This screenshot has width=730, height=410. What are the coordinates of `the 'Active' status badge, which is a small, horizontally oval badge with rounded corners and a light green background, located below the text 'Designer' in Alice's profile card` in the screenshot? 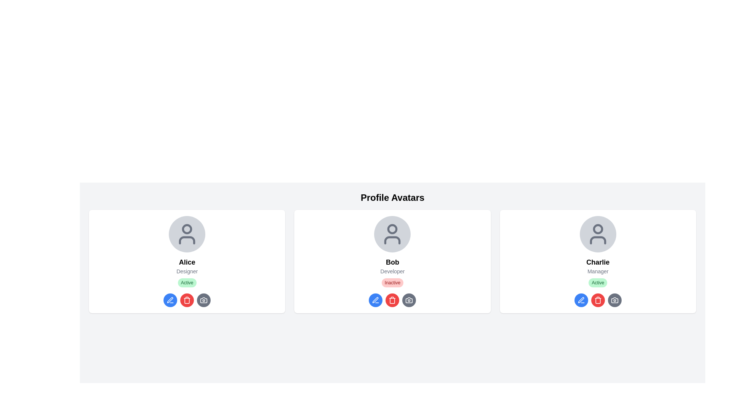 It's located at (187, 282).